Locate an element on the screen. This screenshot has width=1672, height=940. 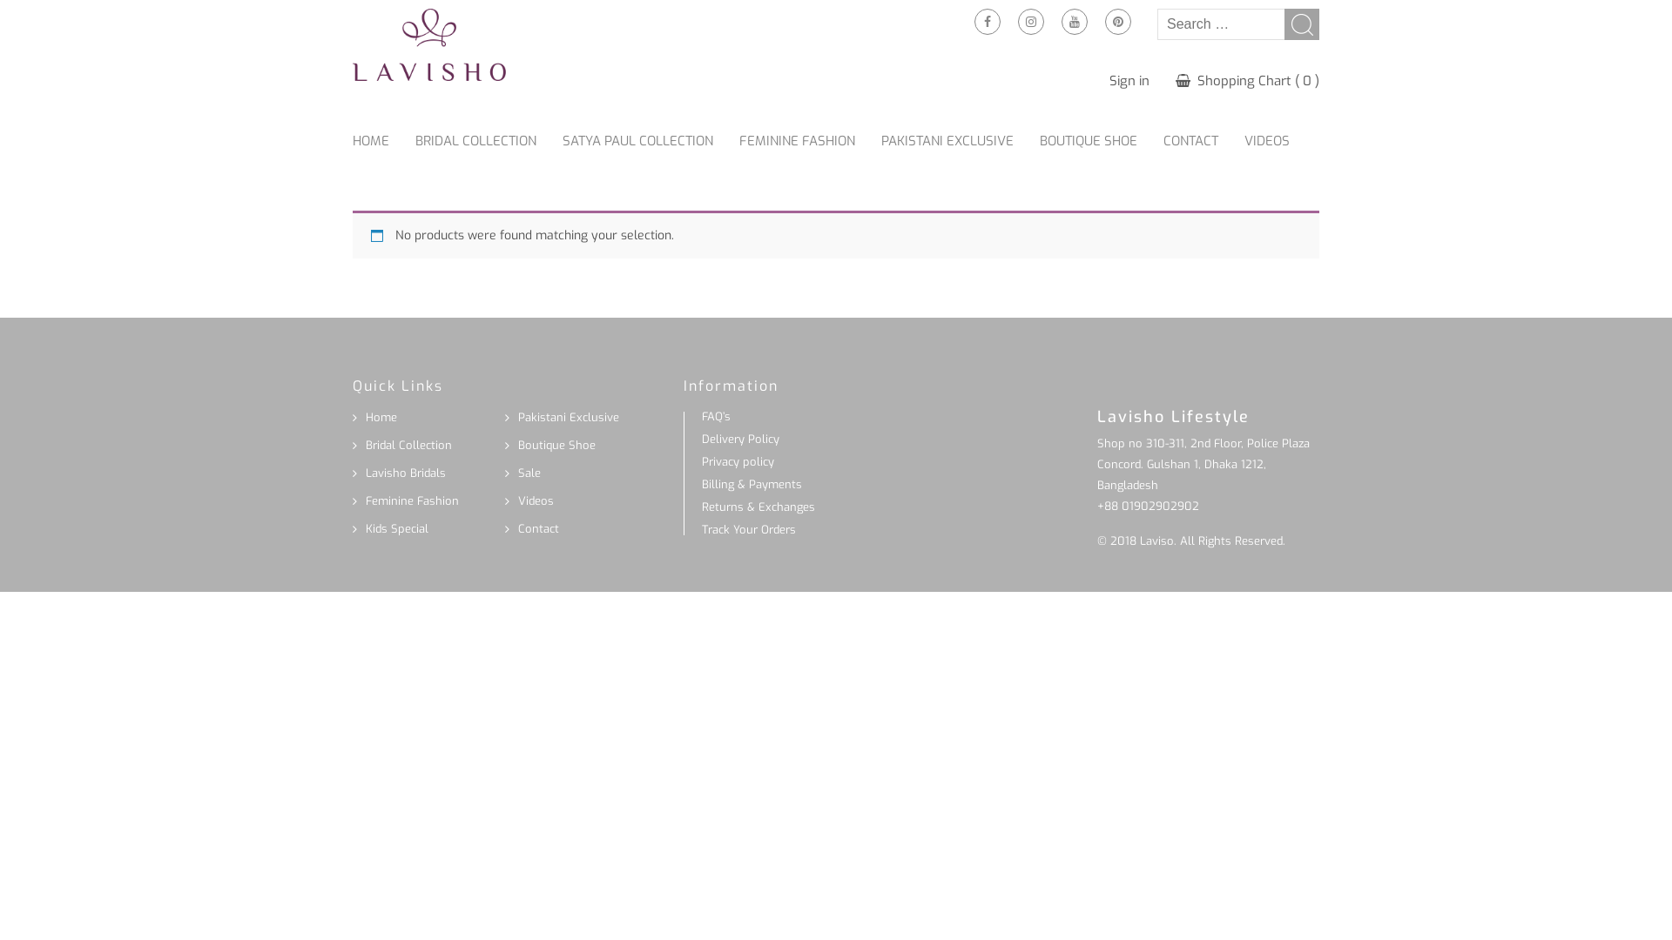
'VIDEOS' is located at coordinates (1279, 140).